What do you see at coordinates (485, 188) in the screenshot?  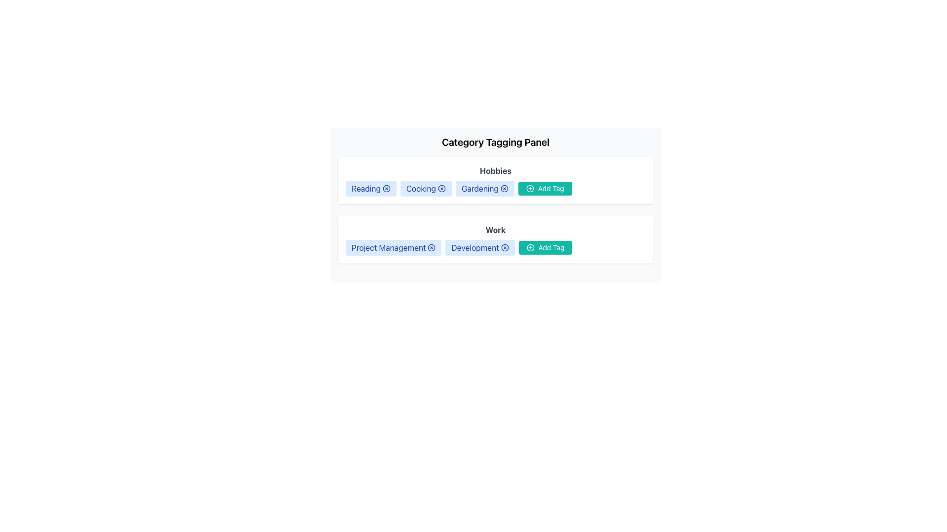 I see `the 'x' icon next to the 'Gardening' tag indicator` at bounding box center [485, 188].